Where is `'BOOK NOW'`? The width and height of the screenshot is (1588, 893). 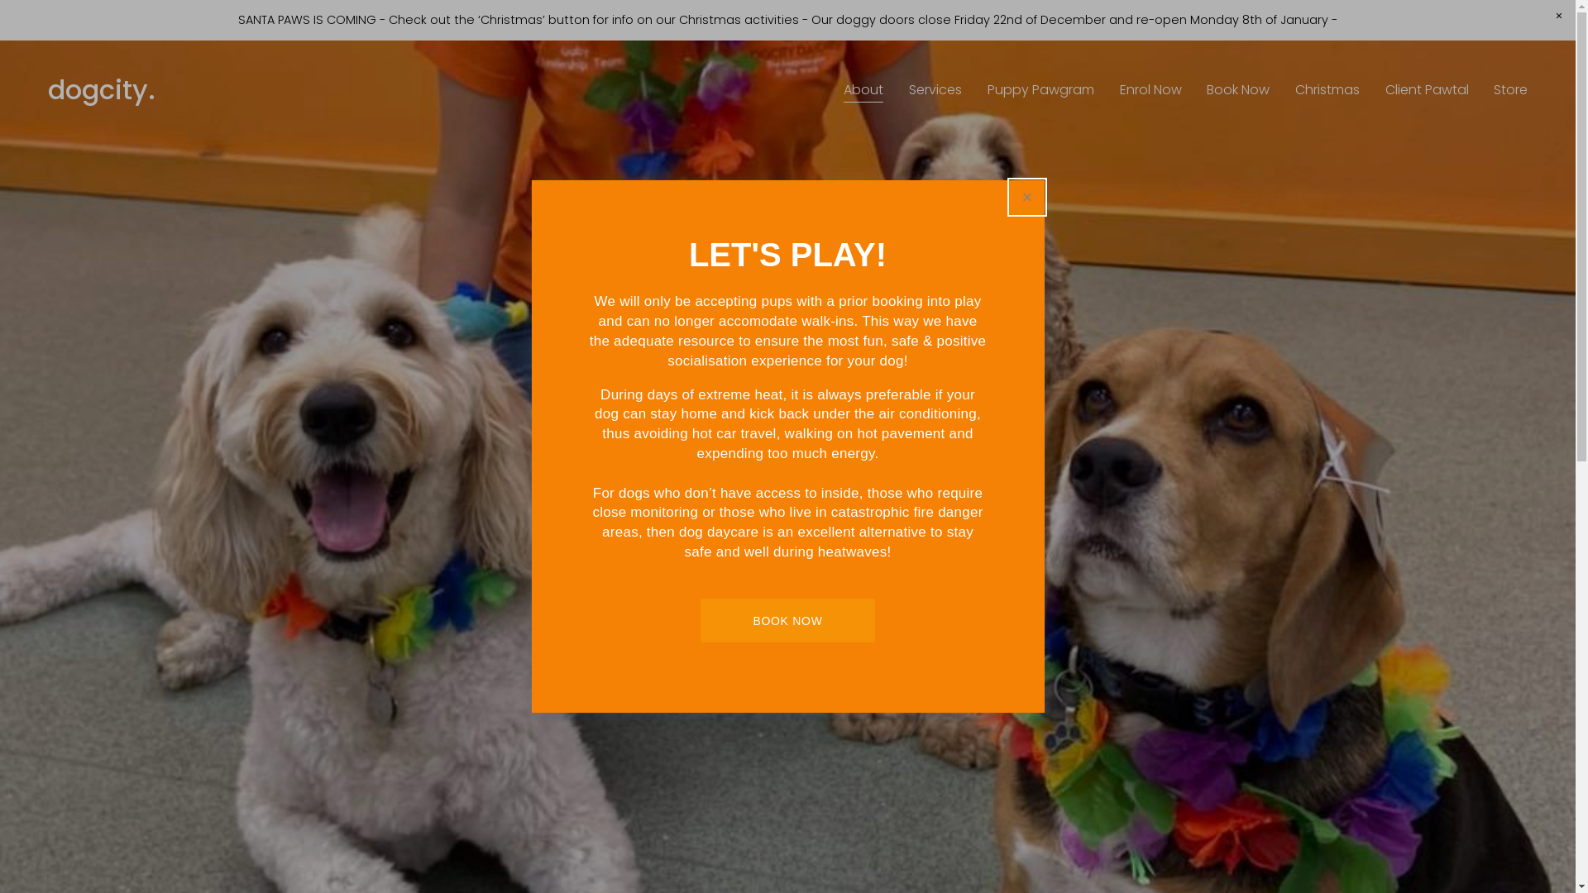 'BOOK NOW' is located at coordinates (787, 620).